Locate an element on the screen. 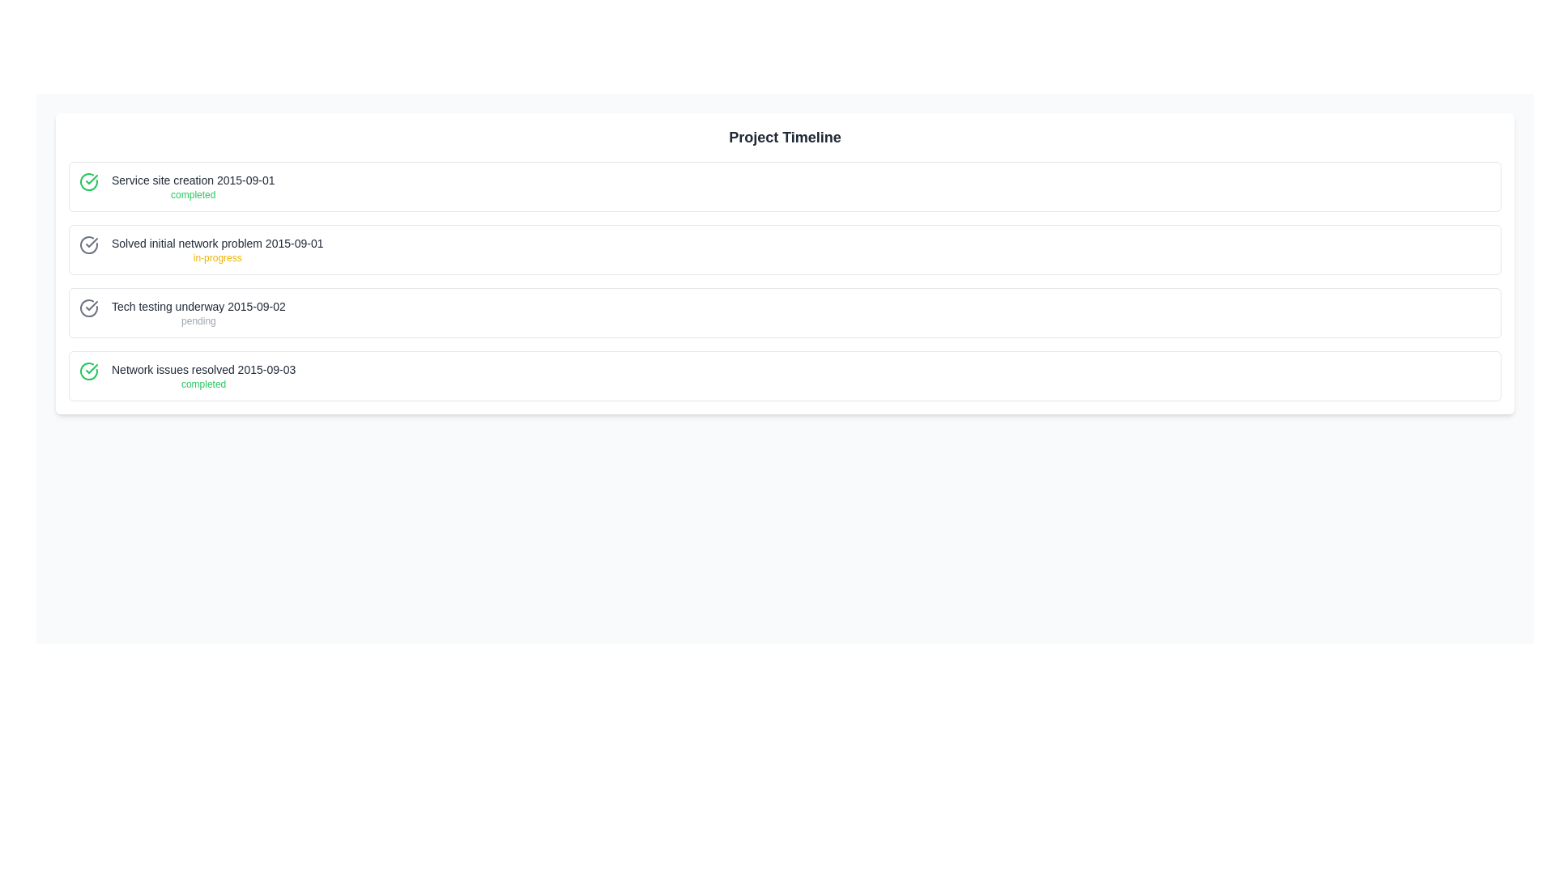 The width and height of the screenshot is (1555, 874). the List Item with Text and Status Indicator displaying 'Service site creation 2015-09-01' and its status 'completed' is located at coordinates (193, 186).